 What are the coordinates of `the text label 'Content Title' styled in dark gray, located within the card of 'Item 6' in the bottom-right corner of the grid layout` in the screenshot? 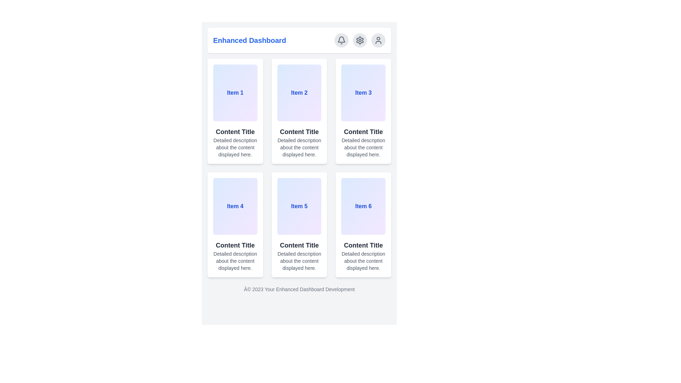 It's located at (363, 245).